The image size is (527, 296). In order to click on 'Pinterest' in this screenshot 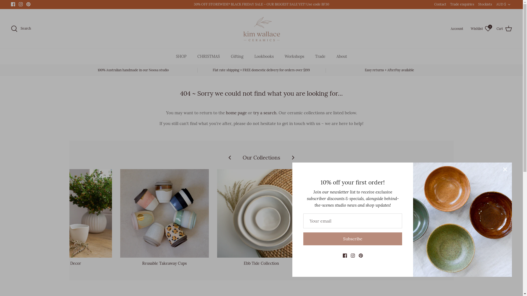, I will do `click(26, 4)`.